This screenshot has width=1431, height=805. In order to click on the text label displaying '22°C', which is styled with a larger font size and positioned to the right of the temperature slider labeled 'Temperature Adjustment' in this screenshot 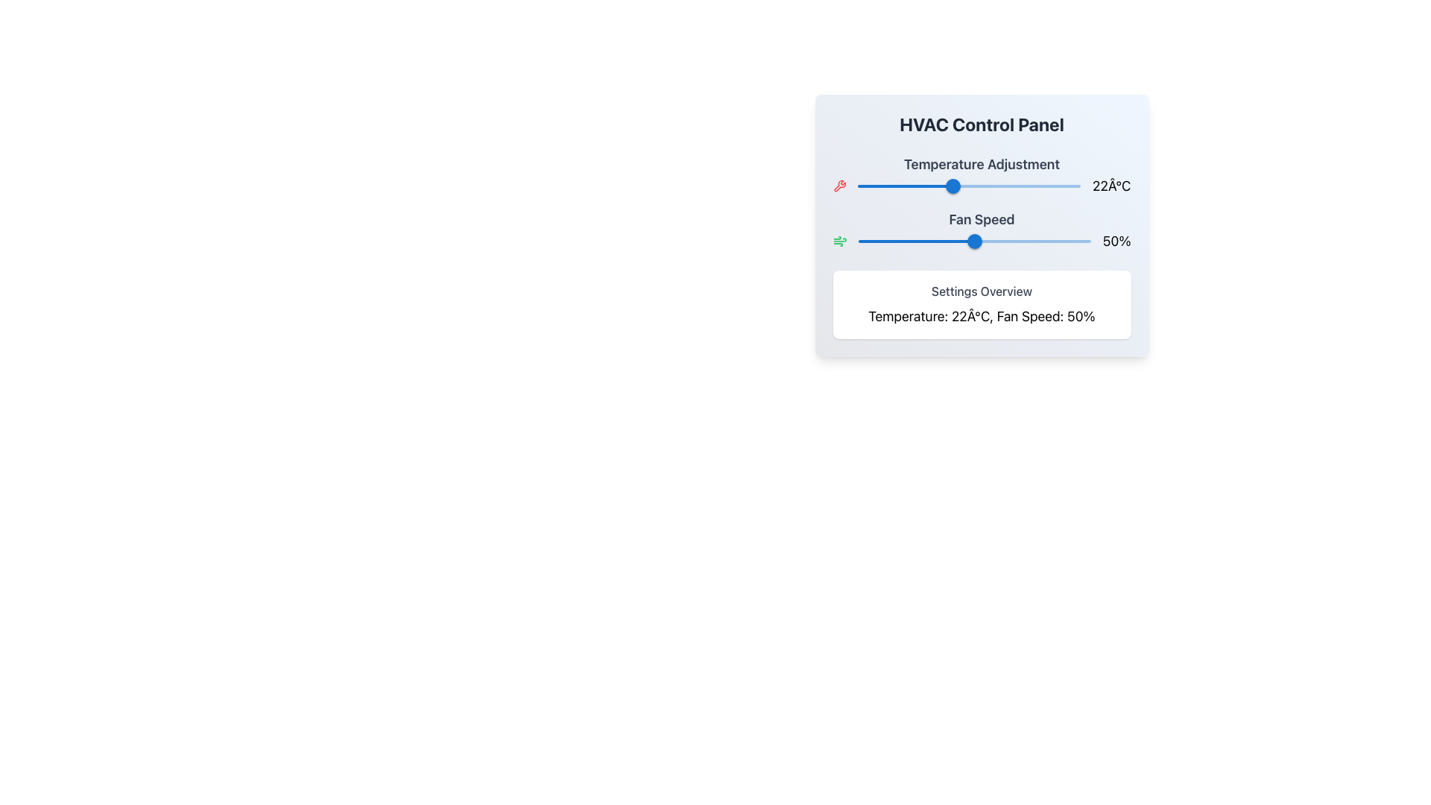, I will do `click(1111, 186)`.